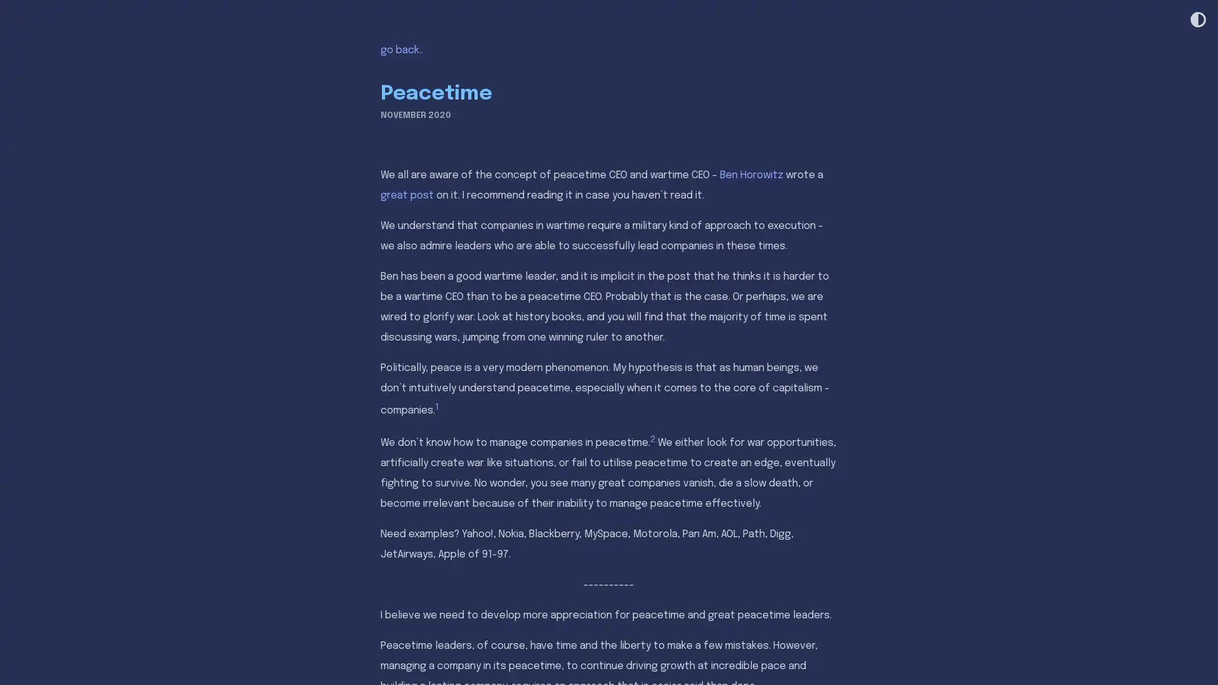  What do you see at coordinates (1196, 20) in the screenshot?
I see `Toggle Theme` at bounding box center [1196, 20].